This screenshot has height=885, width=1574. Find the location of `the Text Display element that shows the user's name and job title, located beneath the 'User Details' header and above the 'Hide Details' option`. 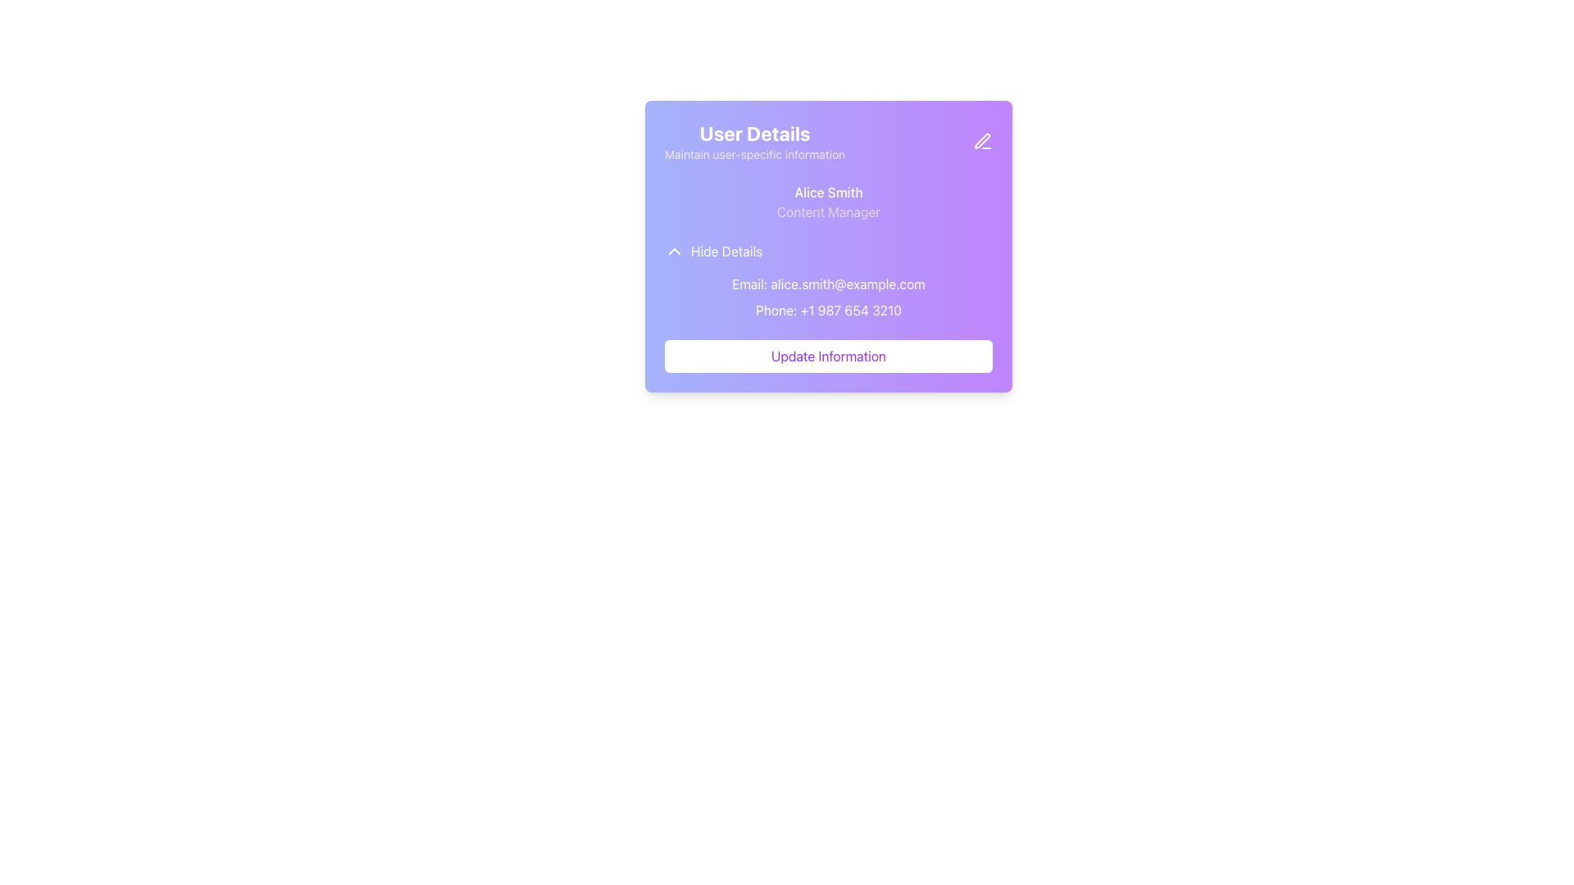

the Text Display element that shows the user's name and job title, located beneath the 'User Details' header and above the 'Hide Details' option is located at coordinates (829, 201).